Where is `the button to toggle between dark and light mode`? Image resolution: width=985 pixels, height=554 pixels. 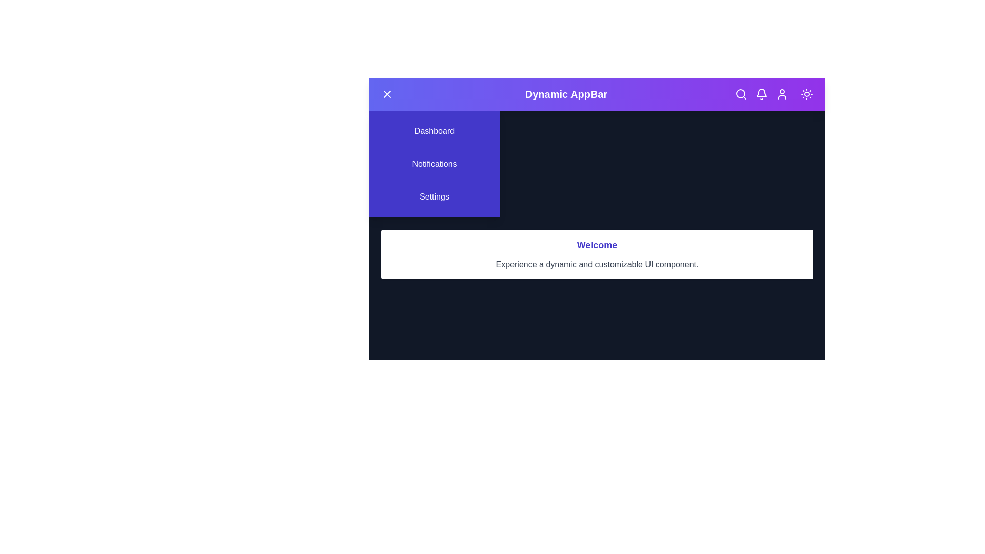 the button to toggle between dark and light mode is located at coordinates (806, 94).